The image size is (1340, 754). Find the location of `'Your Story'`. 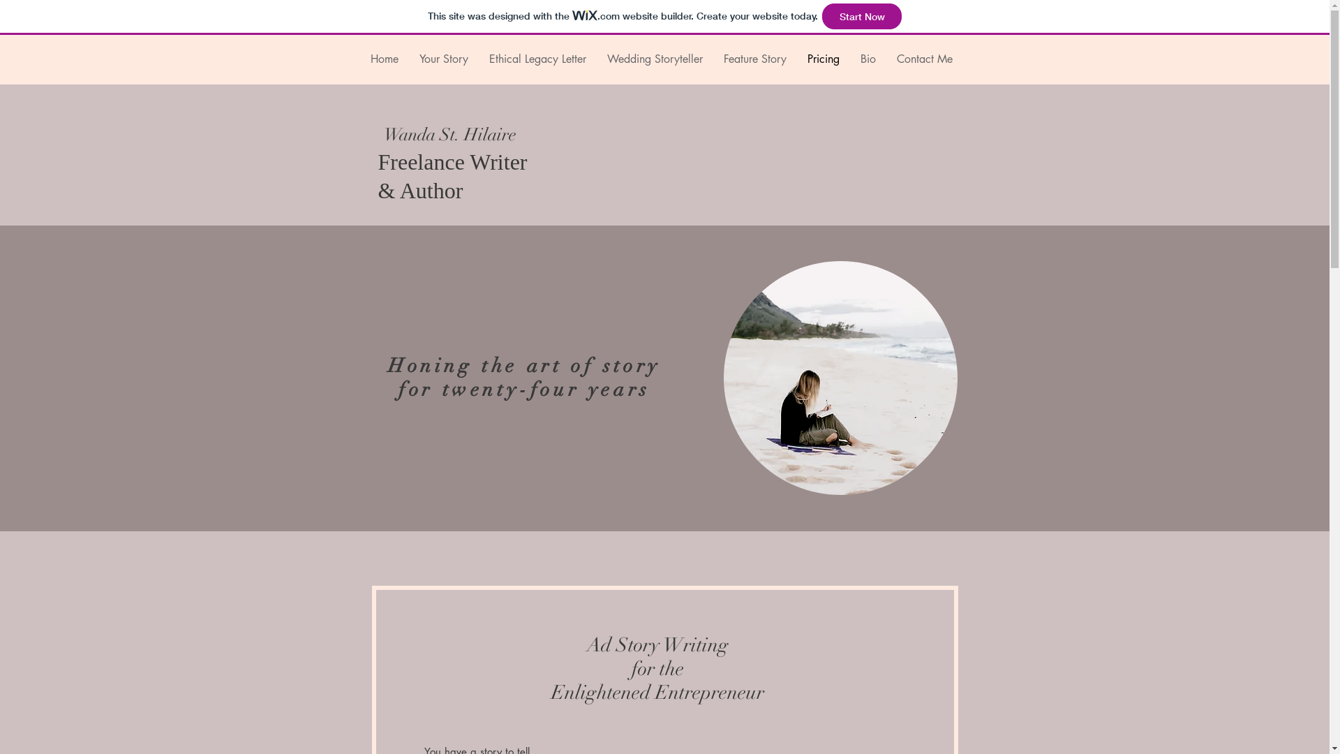

'Your Story' is located at coordinates (443, 58).